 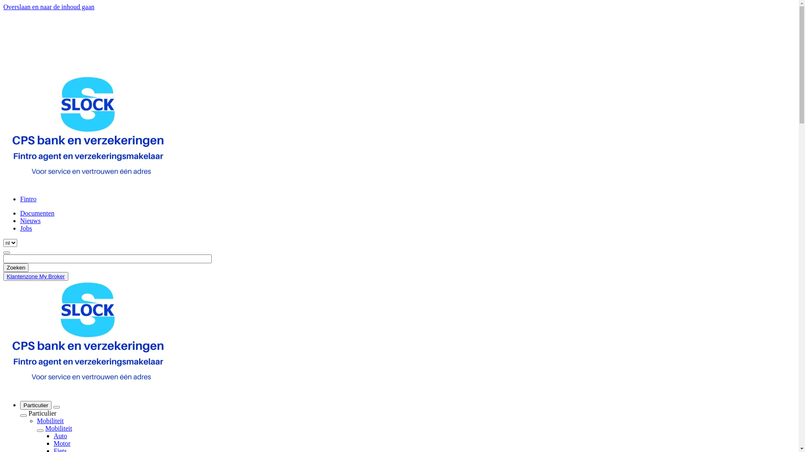 What do you see at coordinates (53, 443) in the screenshot?
I see `'Motor'` at bounding box center [53, 443].